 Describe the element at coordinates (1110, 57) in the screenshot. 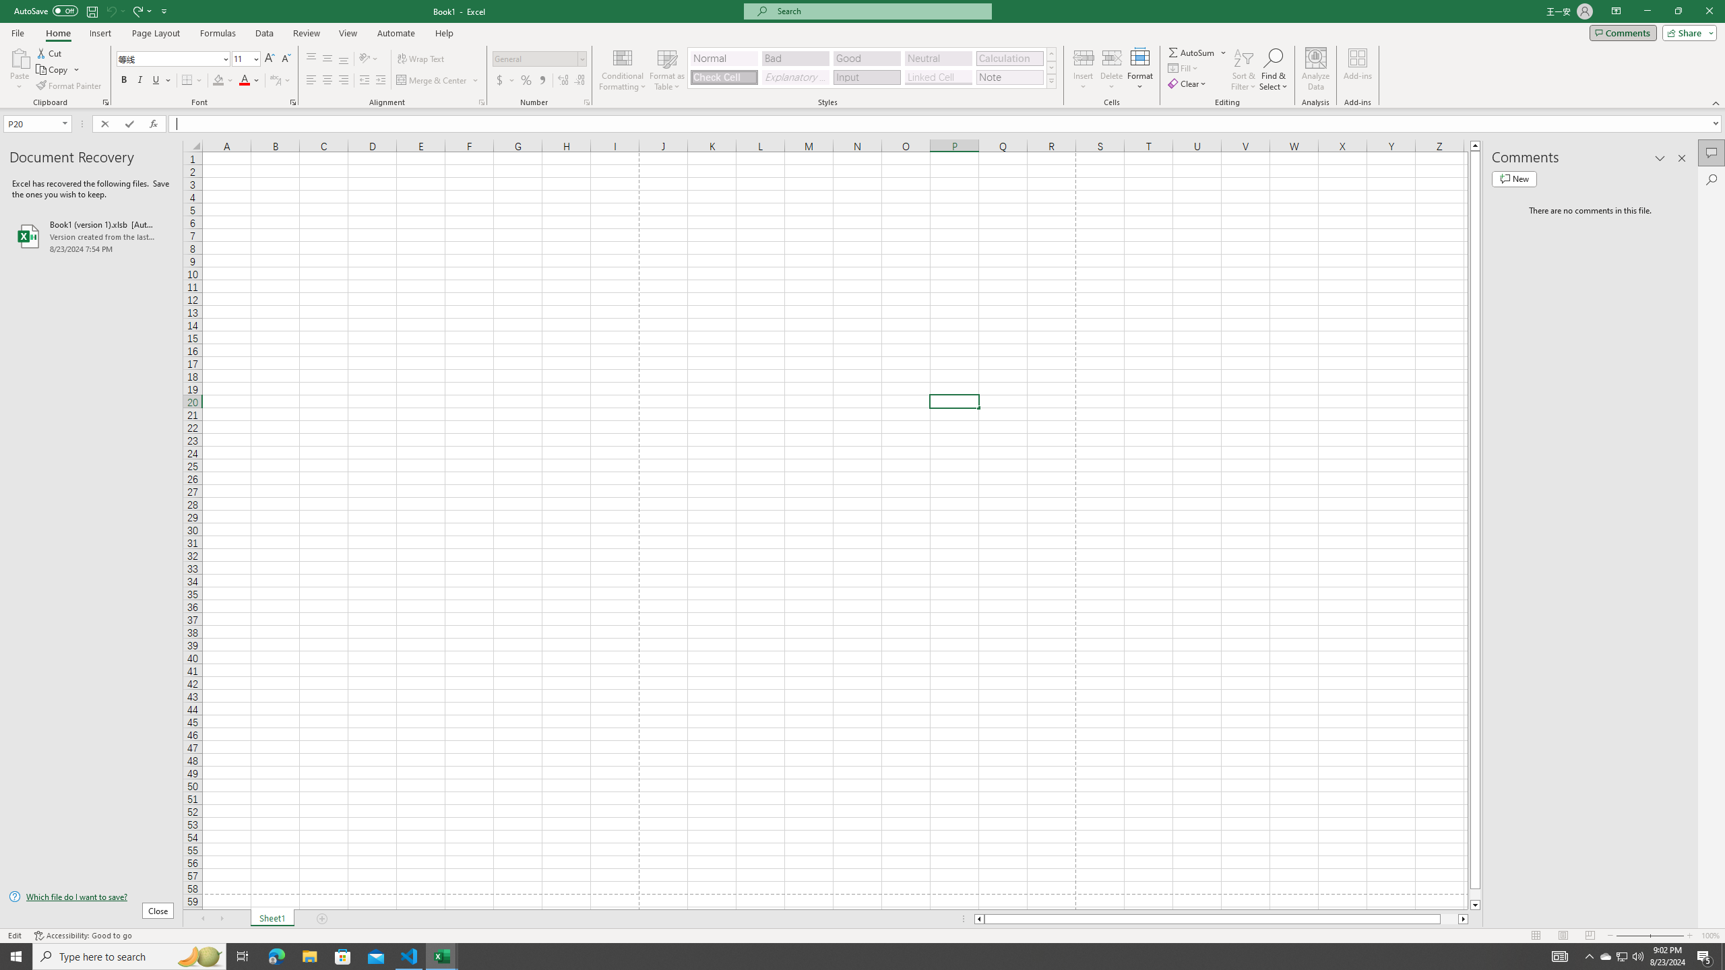

I see `'Delete Cells...'` at that location.